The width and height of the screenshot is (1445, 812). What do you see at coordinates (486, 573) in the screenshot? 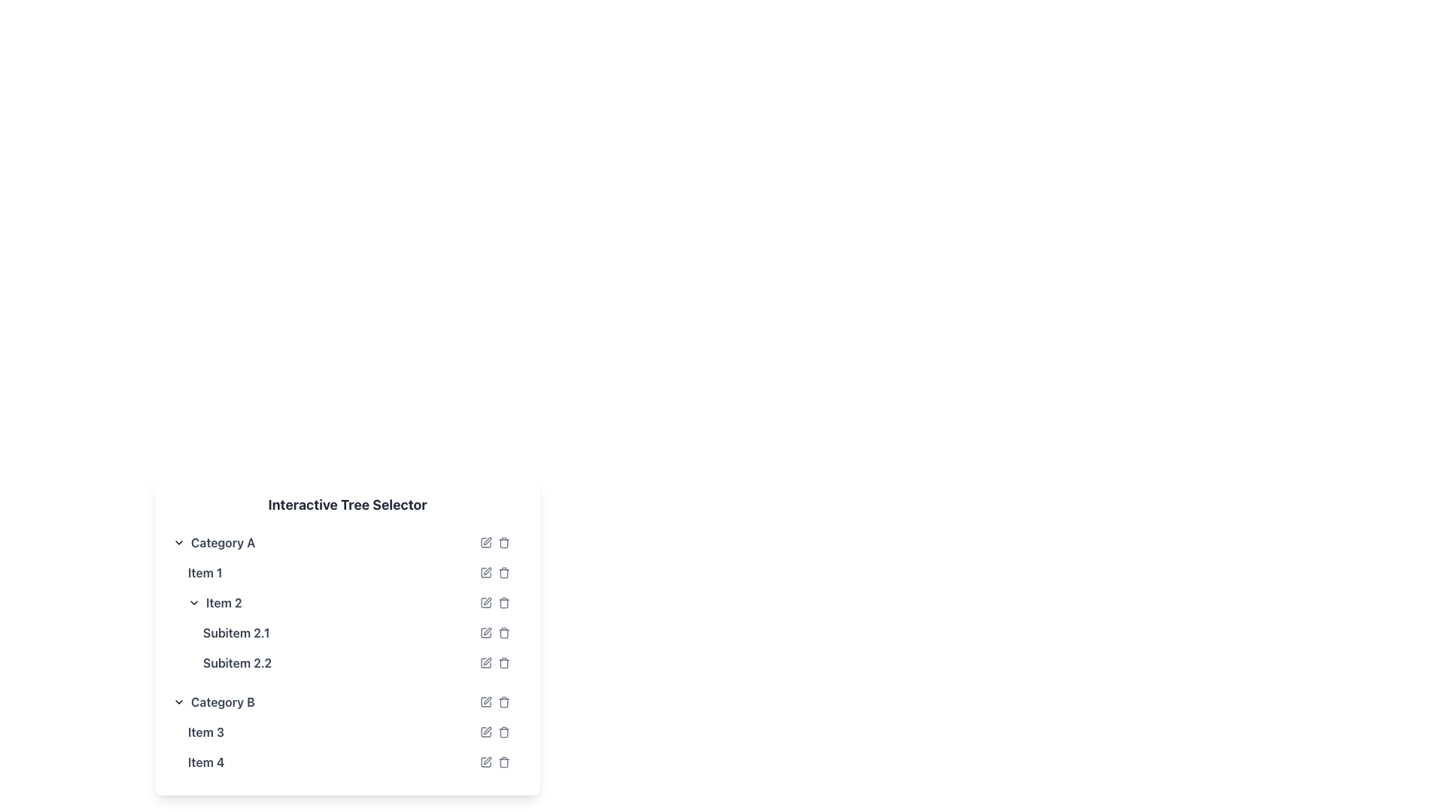
I see `the pencil icon in the interactive tree structure corresponding to 'Item 1' to observe the color change effect` at bounding box center [486, 573].